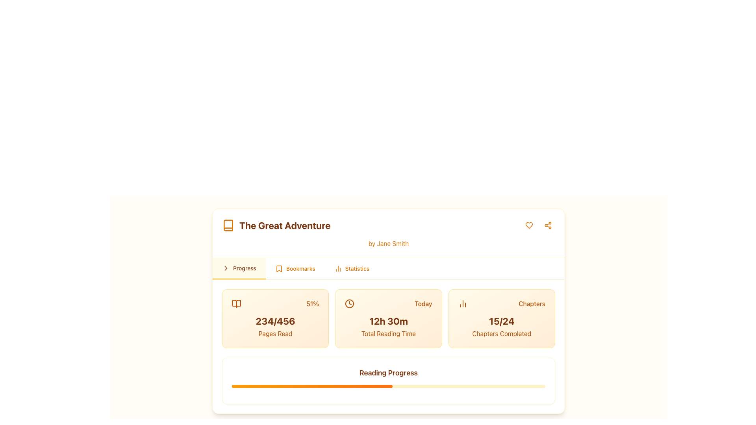 The height and width of the screenshot is (425, 756). Describe the element at coordinates (236, 303) in the screenshot. I see `the amber open book icon located to the left of the text 'The Great Adventure' in the header of the card-like UI component` at that location.